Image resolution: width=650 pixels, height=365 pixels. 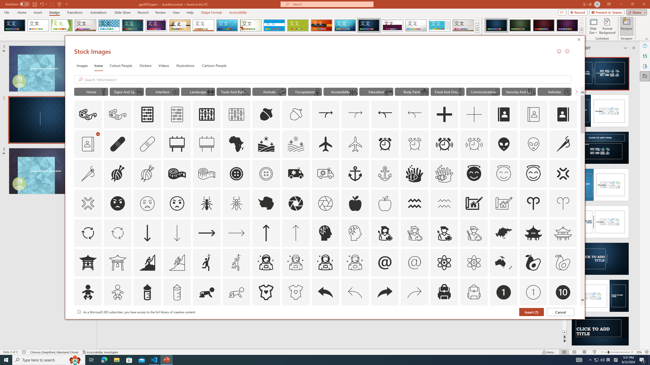 I want to click on 'AutomationID: Icons_Acorn', so click(x=266, y=114).